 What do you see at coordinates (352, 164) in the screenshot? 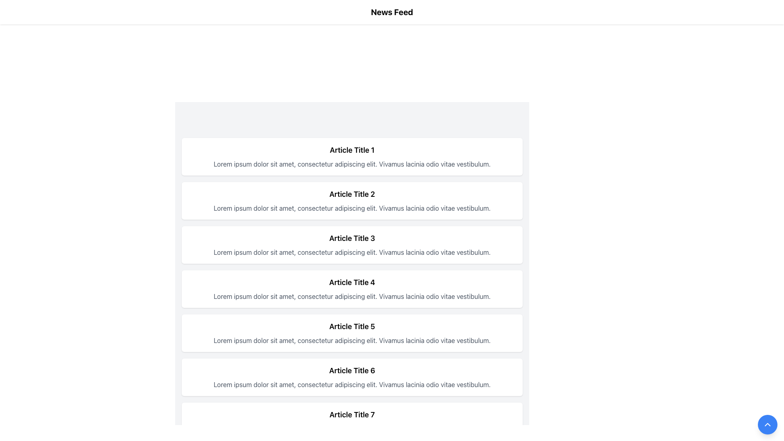
I see `the descriptive text element for the article identified by the title 'Article Title 1', located in the top section of the vertical list of card-like containers` at bounding box center [352, 164].